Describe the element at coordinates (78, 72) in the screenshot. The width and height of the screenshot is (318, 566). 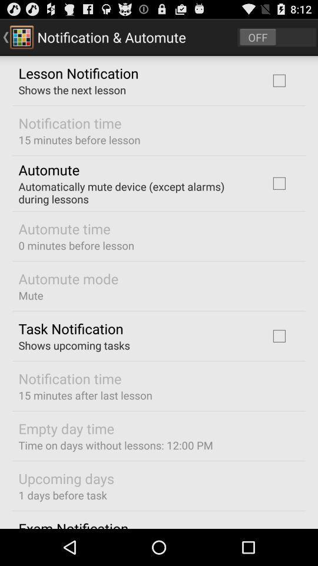
I see `the lesson notification` at that location.